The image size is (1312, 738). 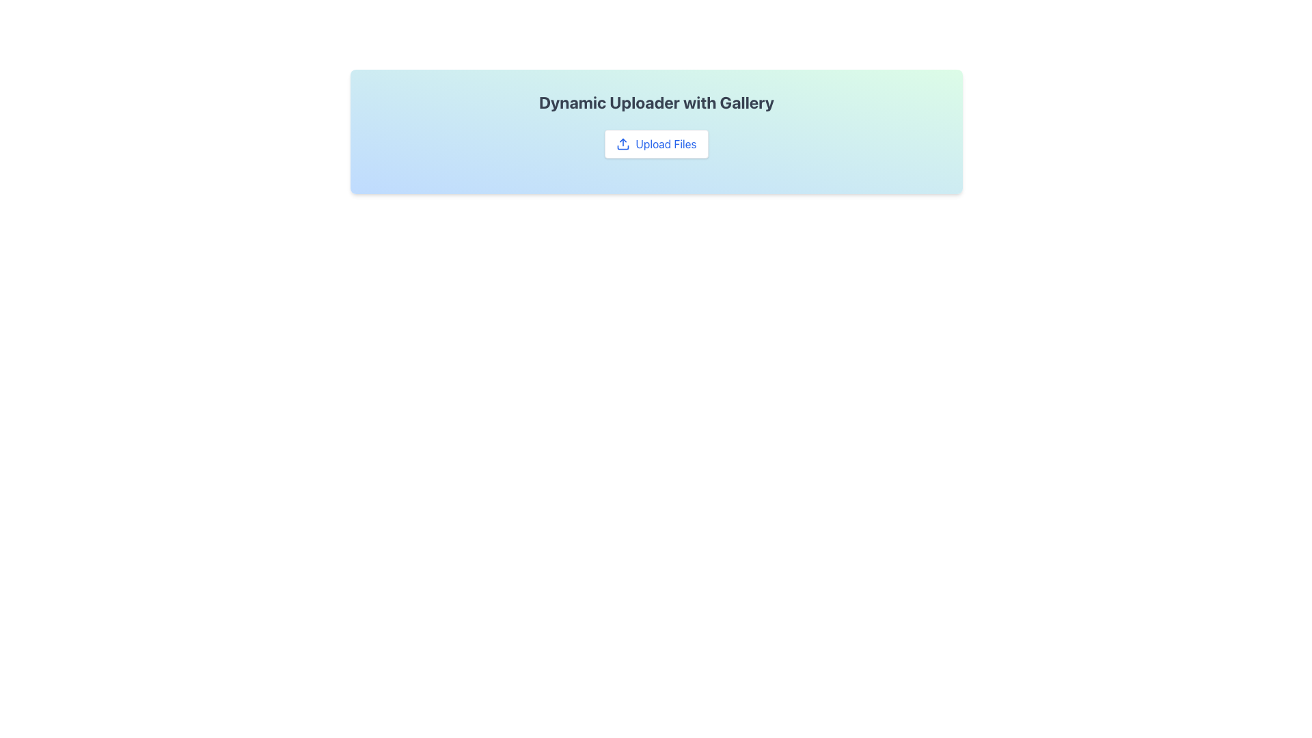 I want to click on the 'Upload Files' button which has a white background, rounded corners, and a blue text label, so click(x=656, y=144).